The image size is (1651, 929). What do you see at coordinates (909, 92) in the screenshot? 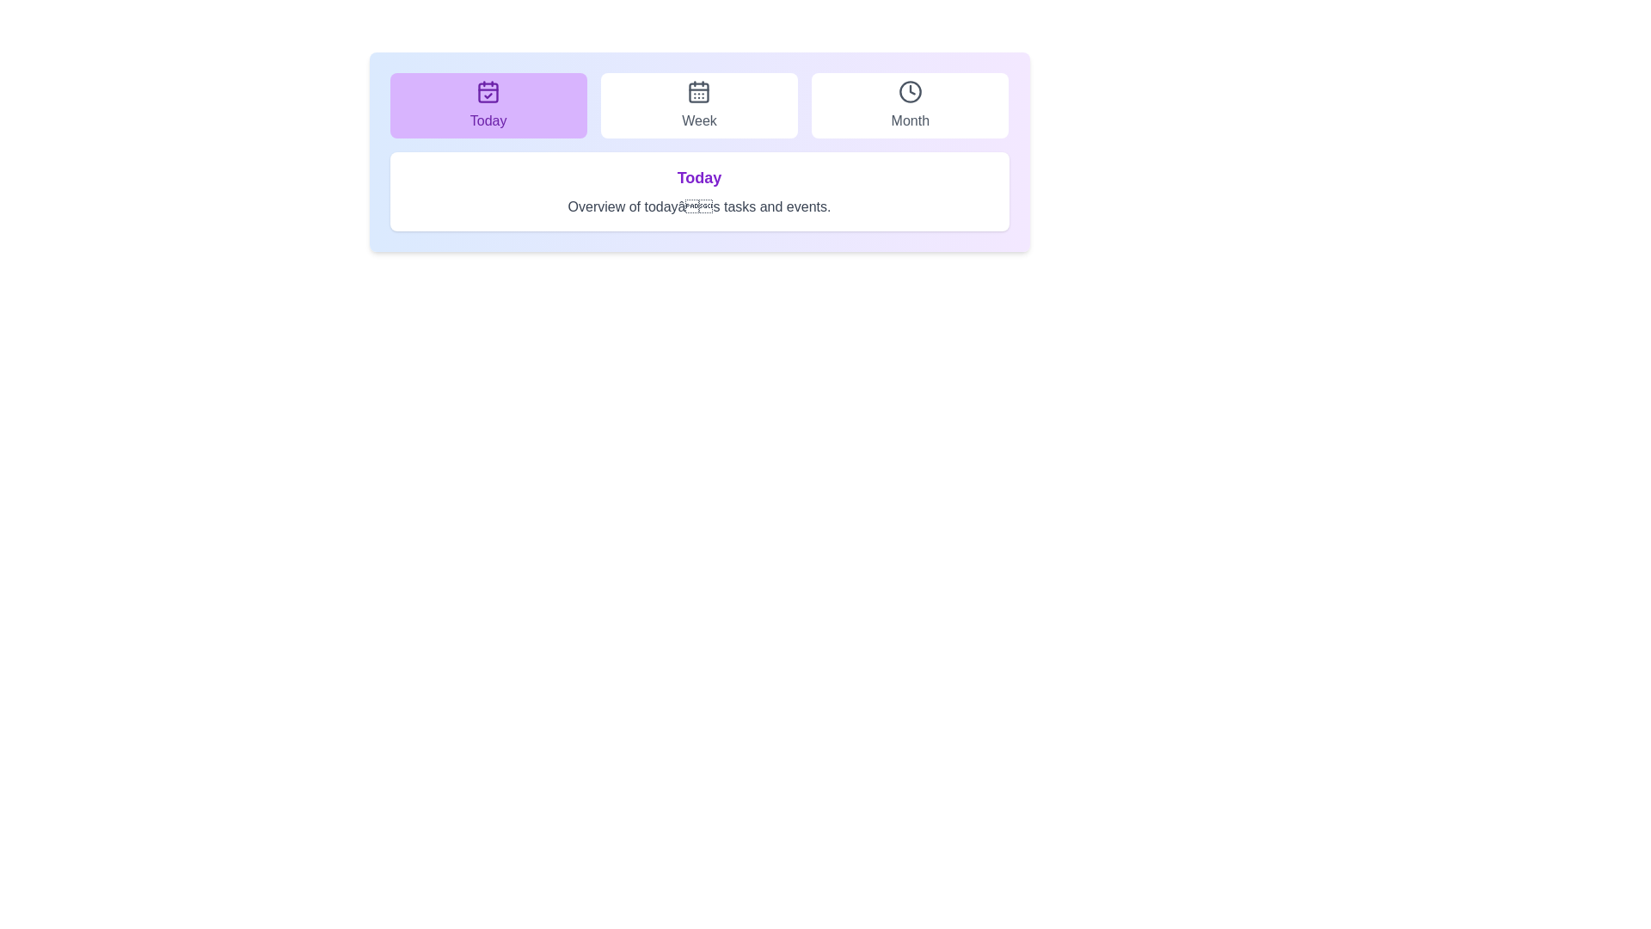
I see `the icon within the Month tab` at bounding box center [909, 92].